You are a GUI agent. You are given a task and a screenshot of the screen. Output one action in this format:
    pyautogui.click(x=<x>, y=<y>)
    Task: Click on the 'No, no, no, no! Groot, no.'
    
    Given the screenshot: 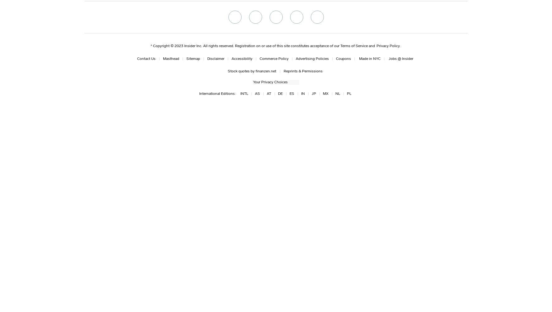 What is the action you would take?
    pyautogui.click(x=146, y=48)
    